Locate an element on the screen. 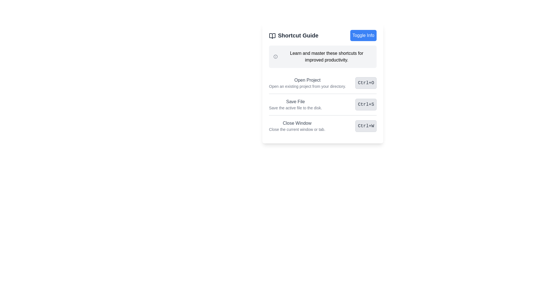  title text that serves as the header for the adjacent content in the panel is located at coordinates (293, 36).